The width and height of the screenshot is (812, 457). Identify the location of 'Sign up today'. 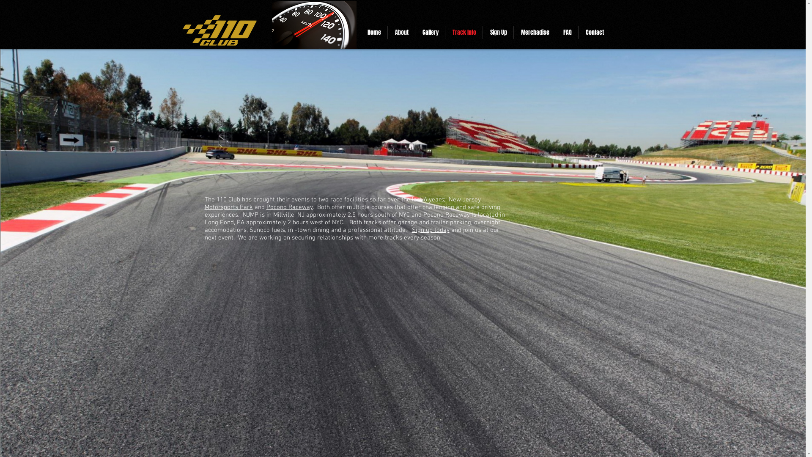
(431, 230).